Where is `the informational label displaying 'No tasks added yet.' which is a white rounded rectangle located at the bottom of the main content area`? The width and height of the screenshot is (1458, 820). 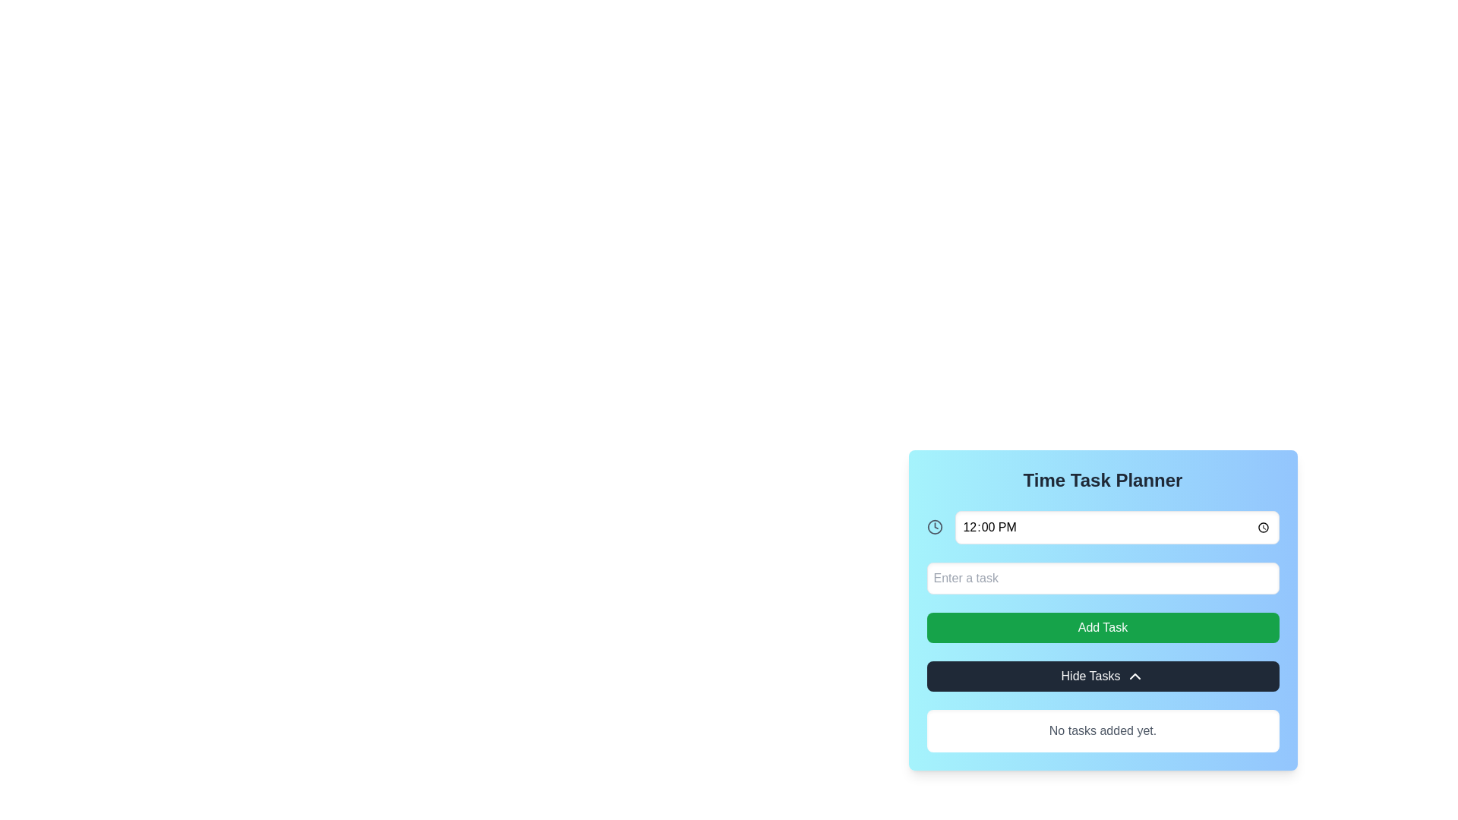
the informational label displaying 'No tasks added yet.' which is a white rounded rectangle located at the bottom of the main content area is located at coordinates (1103, 730).